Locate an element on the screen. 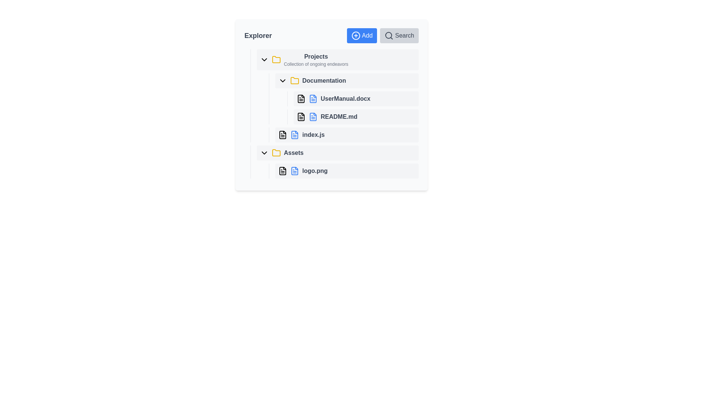 This screenshot has width=721, height=406. the search icon located inside the 'Search' button in the top-right corner of the interface is located at coordinates (389, 36).